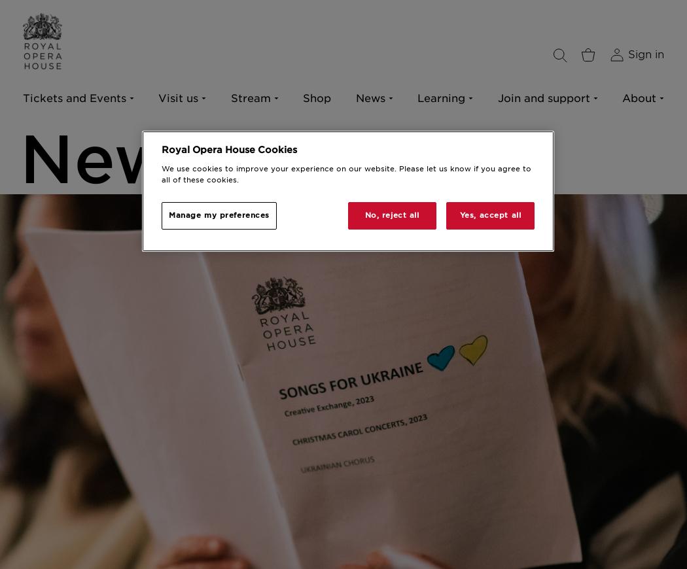 The image size is (687, 569). What do you see at coordinates (367, 176) in the screenshot?
I see `'Archive and Collections'` at bounding box center [367, 176].